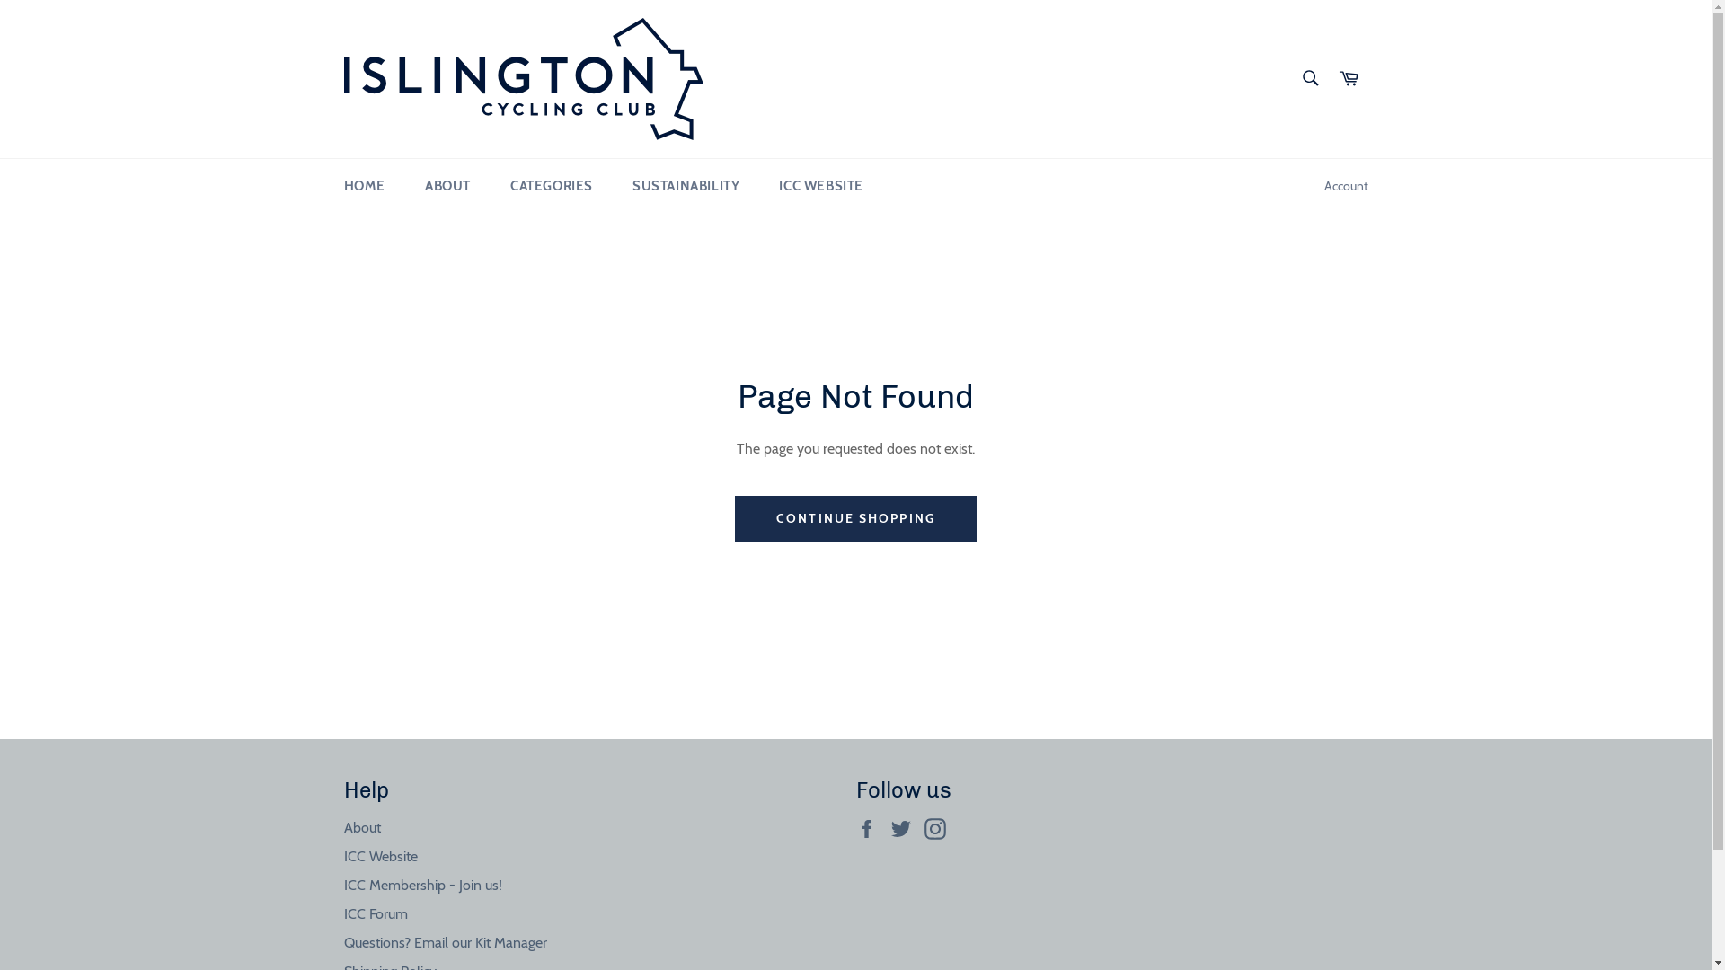  Describe the element at coordinates (343, 855) in the screenshot. I see `'ICC Website'` at that location.